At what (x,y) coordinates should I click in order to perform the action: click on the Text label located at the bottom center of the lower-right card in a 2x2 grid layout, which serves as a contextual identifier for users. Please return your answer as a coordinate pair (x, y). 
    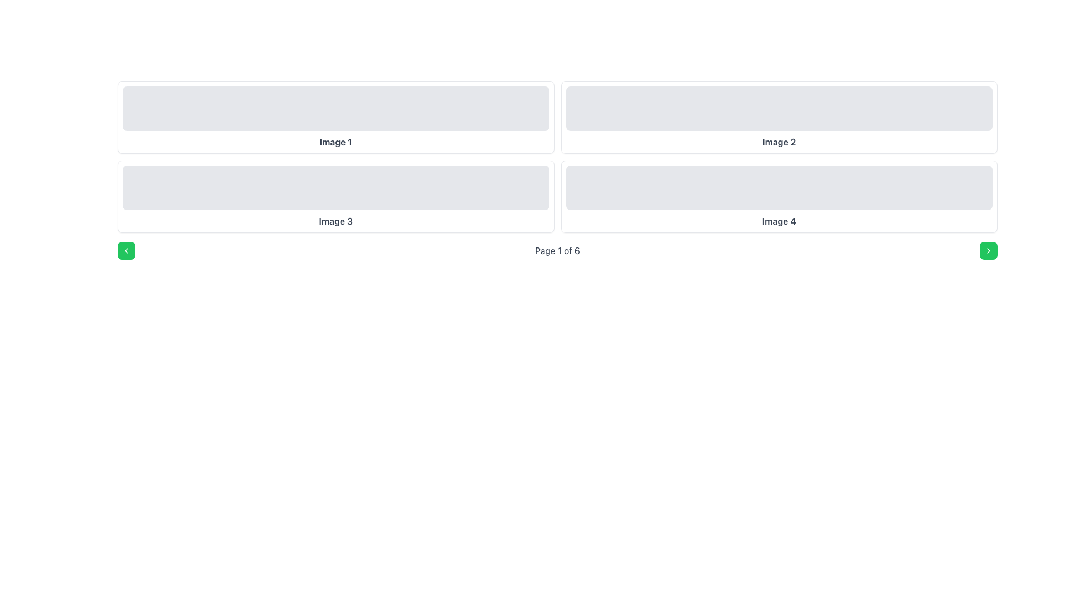
    Looking at the image, I should click on (779, 221).